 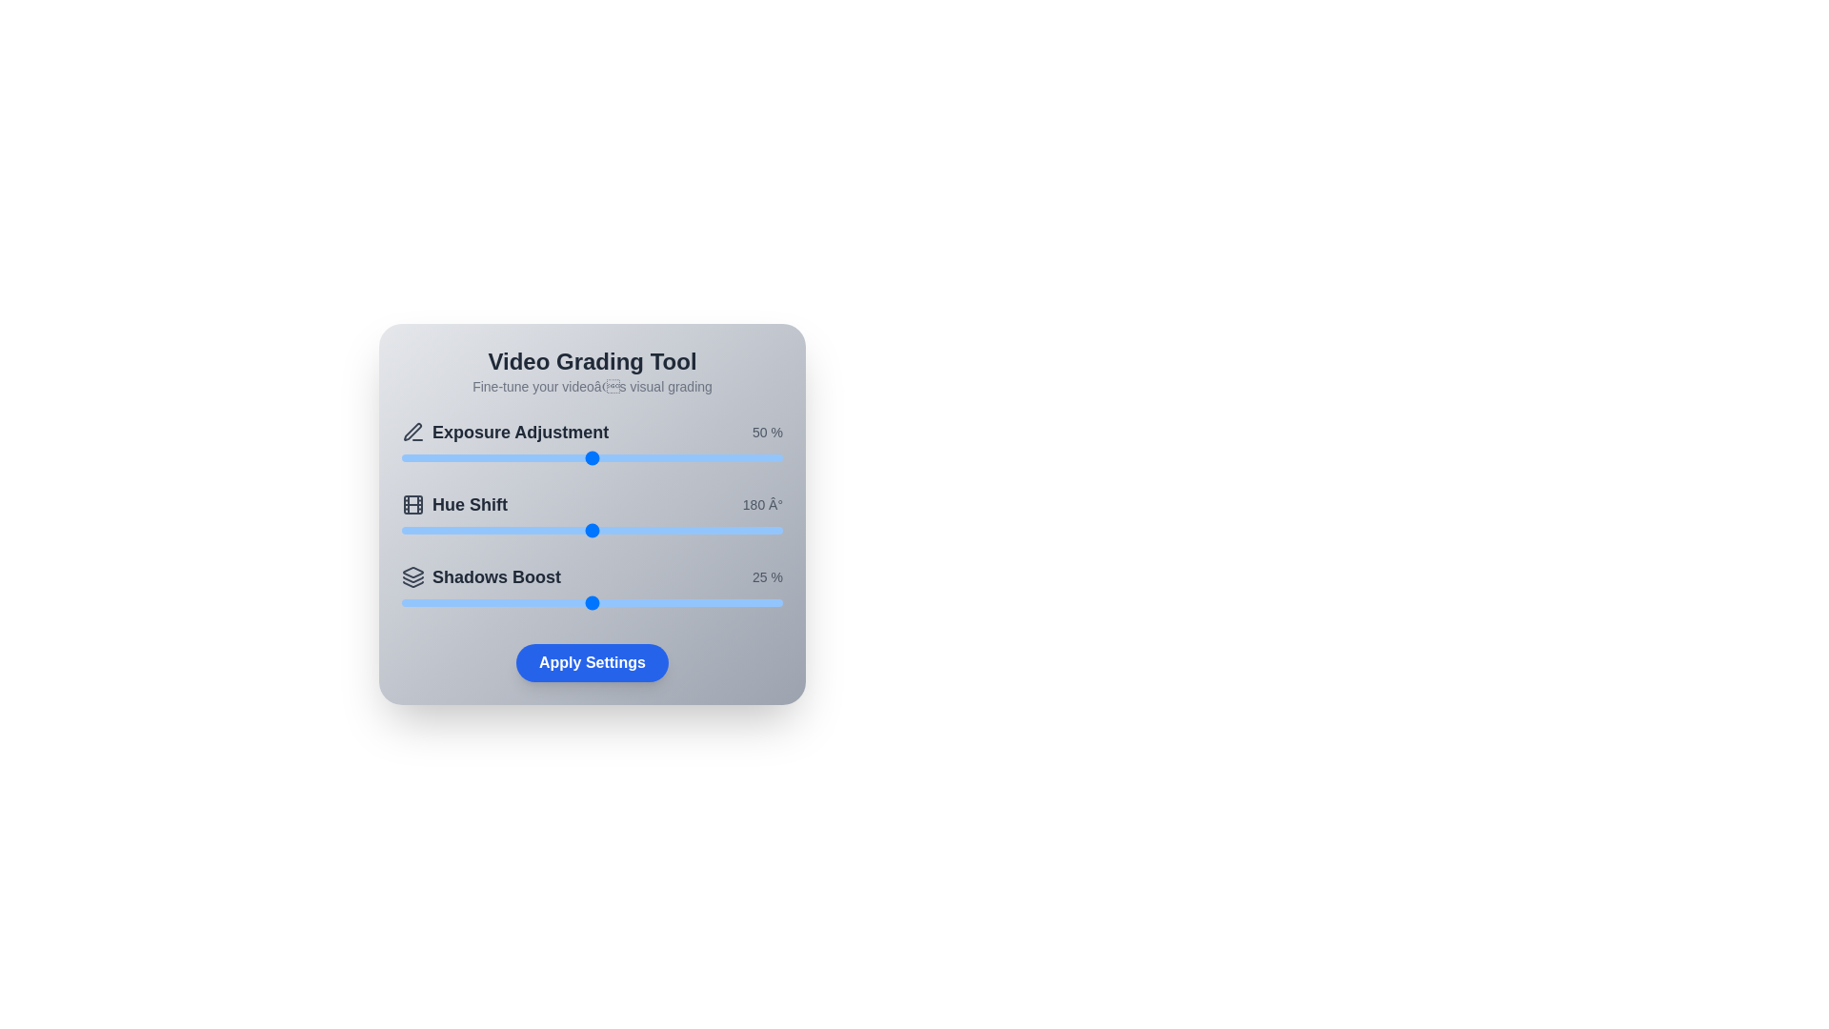 What do you see at coordinates (496, 575) in the screenshot?
I see `the 'Shadows Boost' text label, which is styled in a bold, dark gray font and located below the 'Hue Shift' label in the 'Video Grading Tool' interface` at bounding box center [496, 575].